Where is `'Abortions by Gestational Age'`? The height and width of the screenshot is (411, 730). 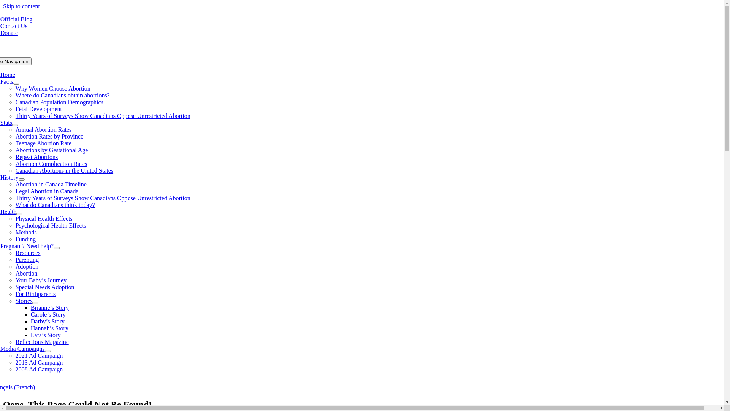 'Abortions by Gestational Age' is located at coordinates (16, 150).